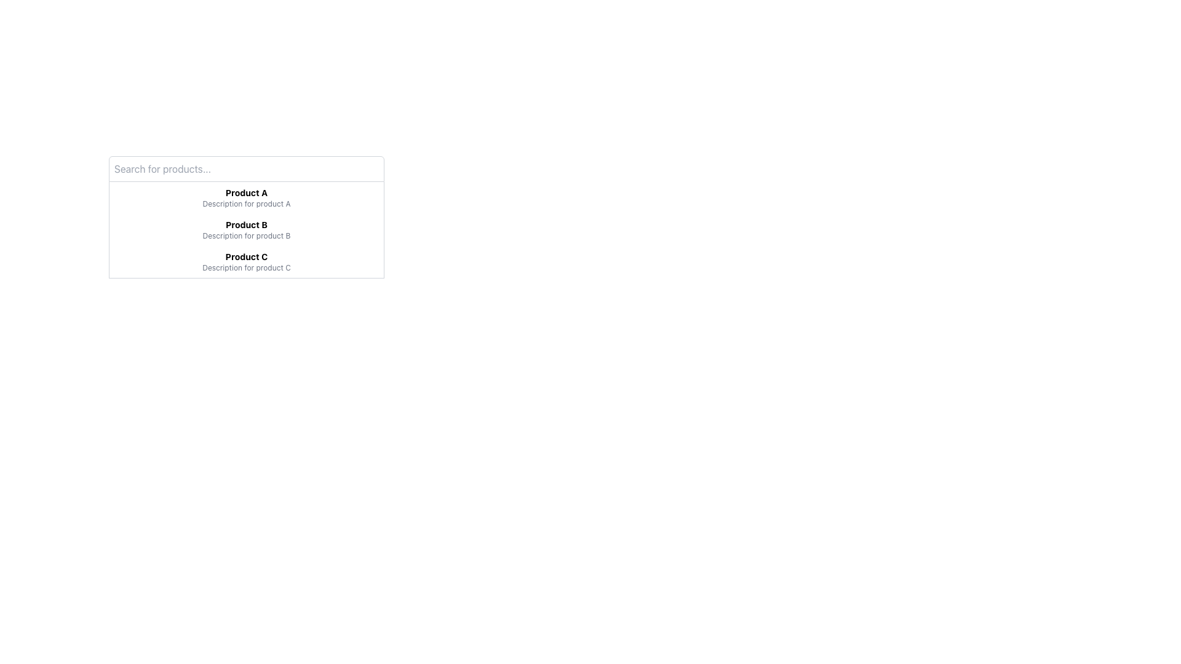 Image resolution: width=1181 pixels, height=664 pixels. What do you see at coordinates (246, 261) in the screenshot?
I see `the third list item in the dropdown that displays 'Product C' in bold and 'Description for product C' in gray` at bounding box center [246, 261].